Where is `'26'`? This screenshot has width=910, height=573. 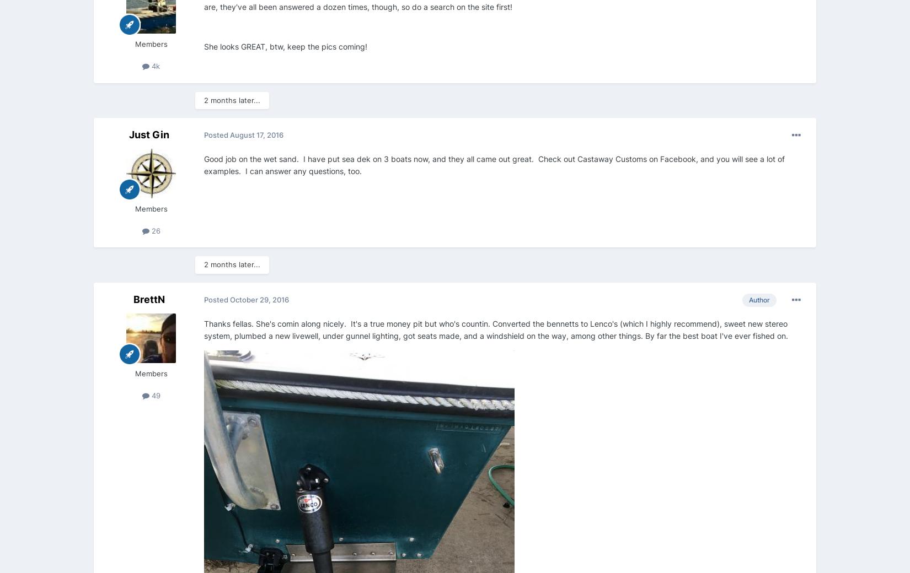 '26' is located at coordinates (154, 230).